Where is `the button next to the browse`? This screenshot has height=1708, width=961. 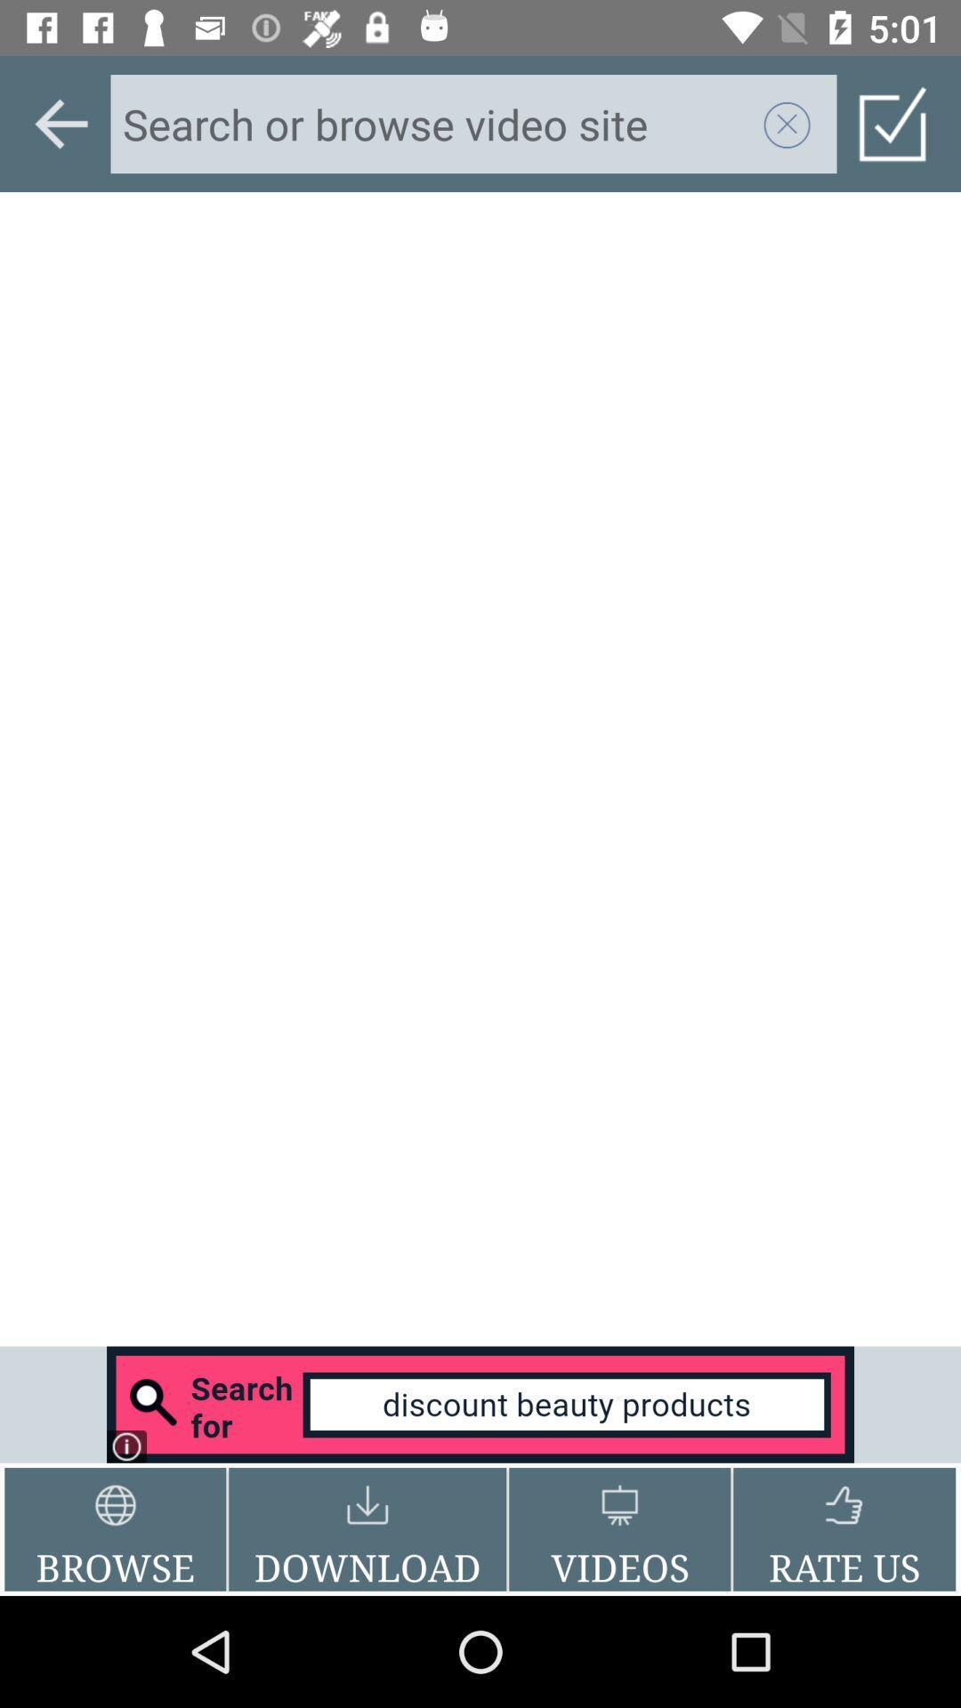 the button next to the browse is located at coordinates (367, 1528).